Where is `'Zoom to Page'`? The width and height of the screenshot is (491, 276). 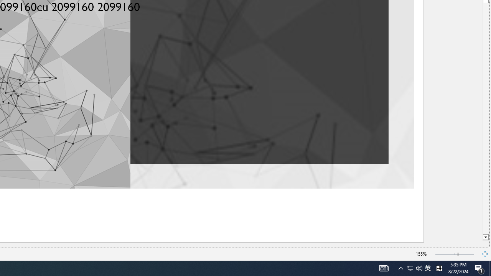 'Zoom to Page' is located at coordinates (485, 254).